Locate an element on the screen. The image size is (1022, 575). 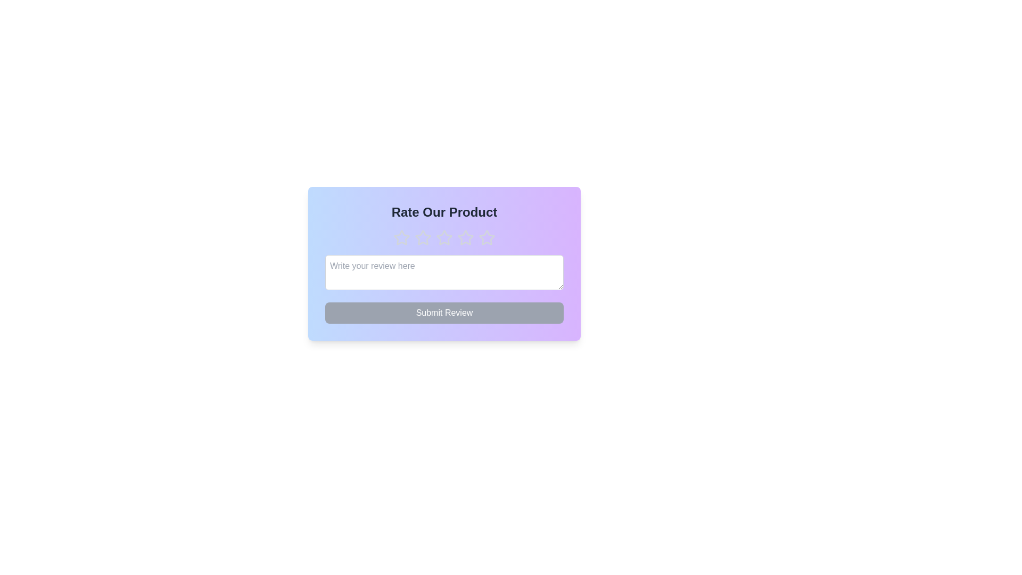
the star corresponding to the desired rating of 1 is located at coordinates (401, 237).